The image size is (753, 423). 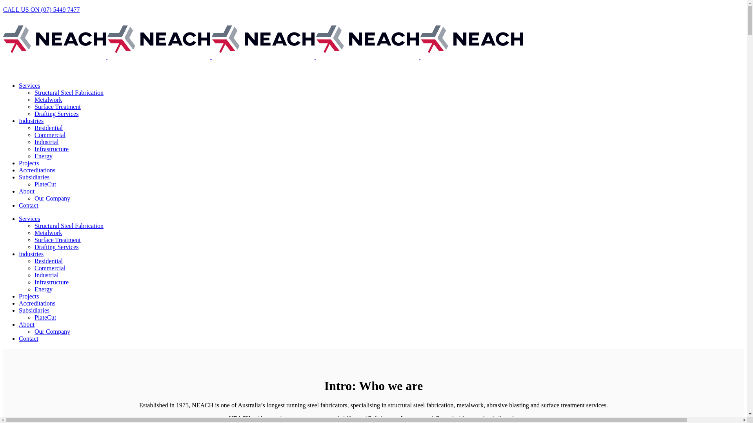 I want to click on 'Commercial', so click(x=49, y=268).